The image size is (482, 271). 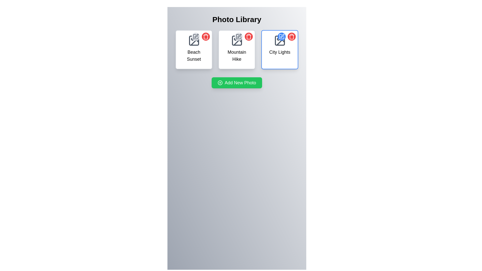 What do you see at coordinates (282, 36) in the screenshot?
I see `the interactive icon located in the upper-right corner of the 'City Lights' card to interact with it` at bounding box center [282, 36].